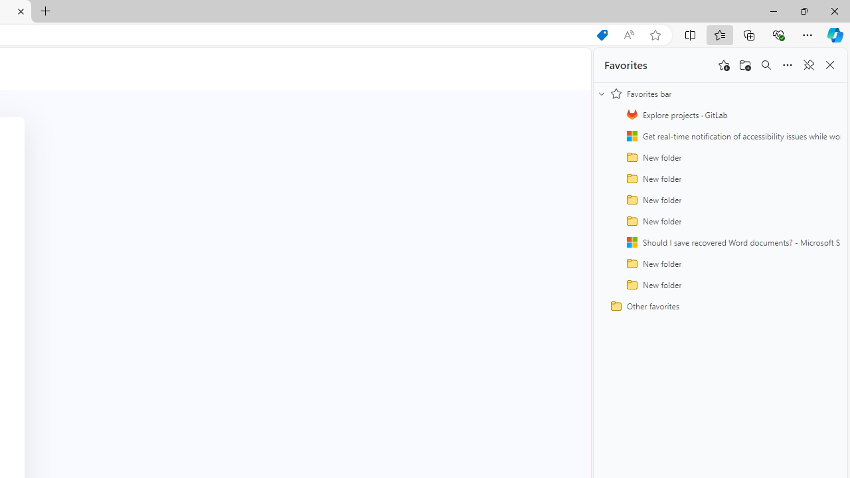  What do you see at coordinates (601, 35) in the screenshot?
I see `'Shopping in Microsoft Edge'` at bounding box center [601, 35].